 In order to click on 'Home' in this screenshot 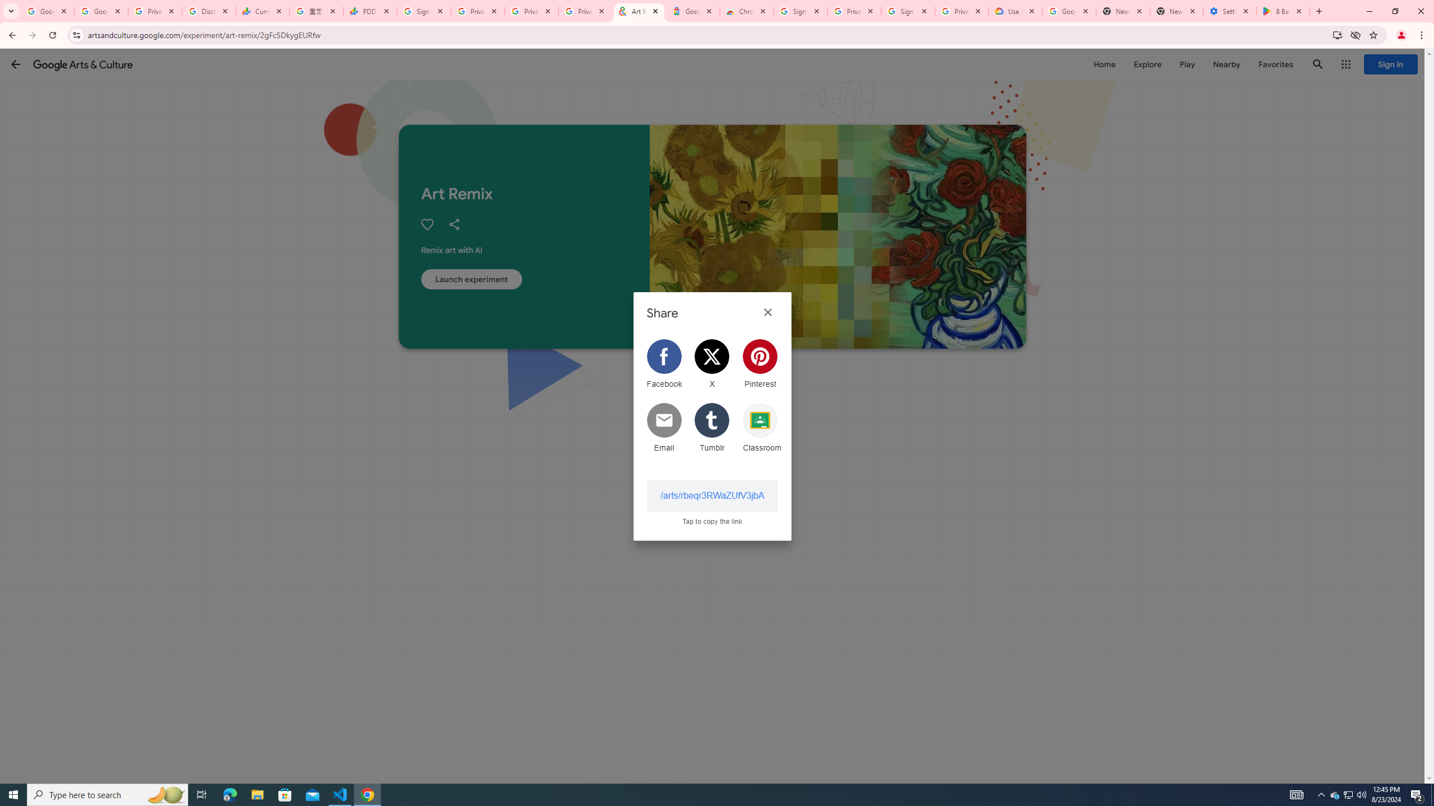, I will do `click(1104, 64)`.